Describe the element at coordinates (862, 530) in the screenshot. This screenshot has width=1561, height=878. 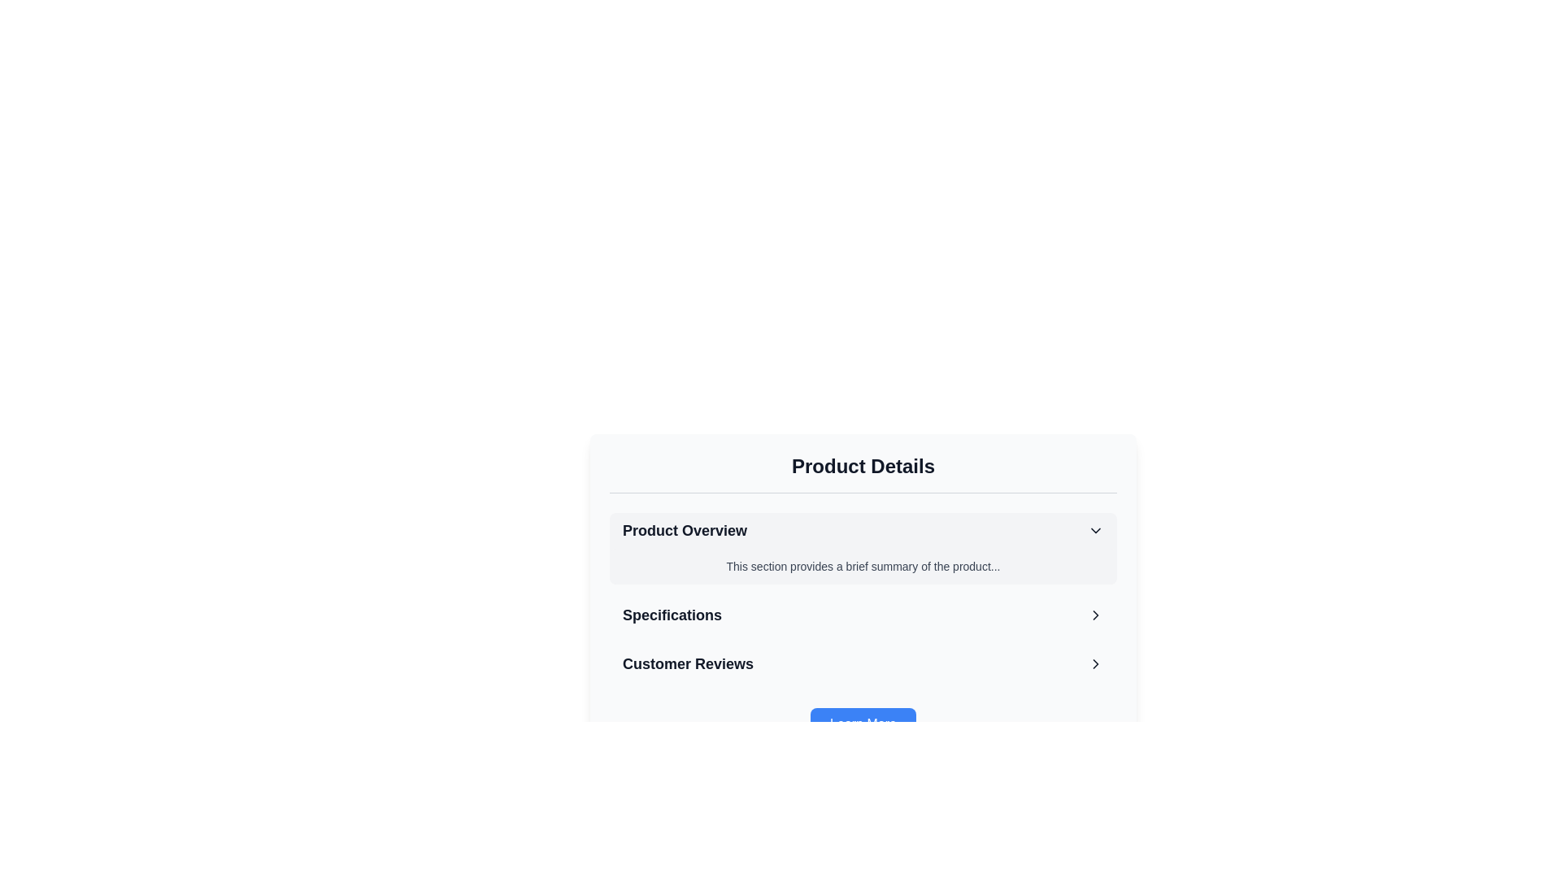
I see `the top-most interactive list item labeled 'Product Overview'` at that location.